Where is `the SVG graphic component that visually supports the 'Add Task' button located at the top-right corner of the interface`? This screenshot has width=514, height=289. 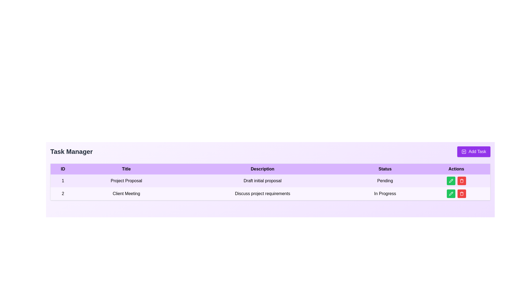
the SVG graphic component that visually supports the 'Add Task' button located at the top-right corner of the interface is located at coordinates (464, 152).